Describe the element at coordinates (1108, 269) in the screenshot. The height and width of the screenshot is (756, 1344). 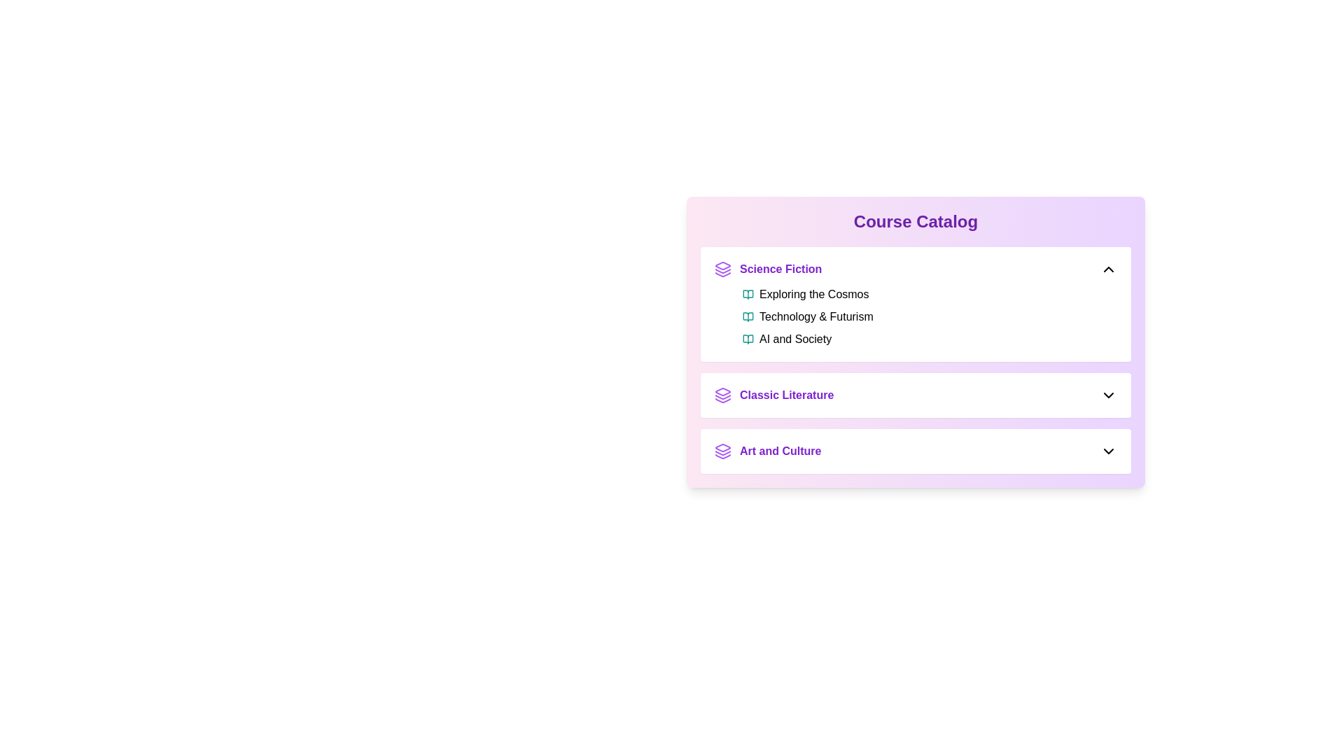
I see `the icon to expand or collapse the category Science Fiction` at that location.